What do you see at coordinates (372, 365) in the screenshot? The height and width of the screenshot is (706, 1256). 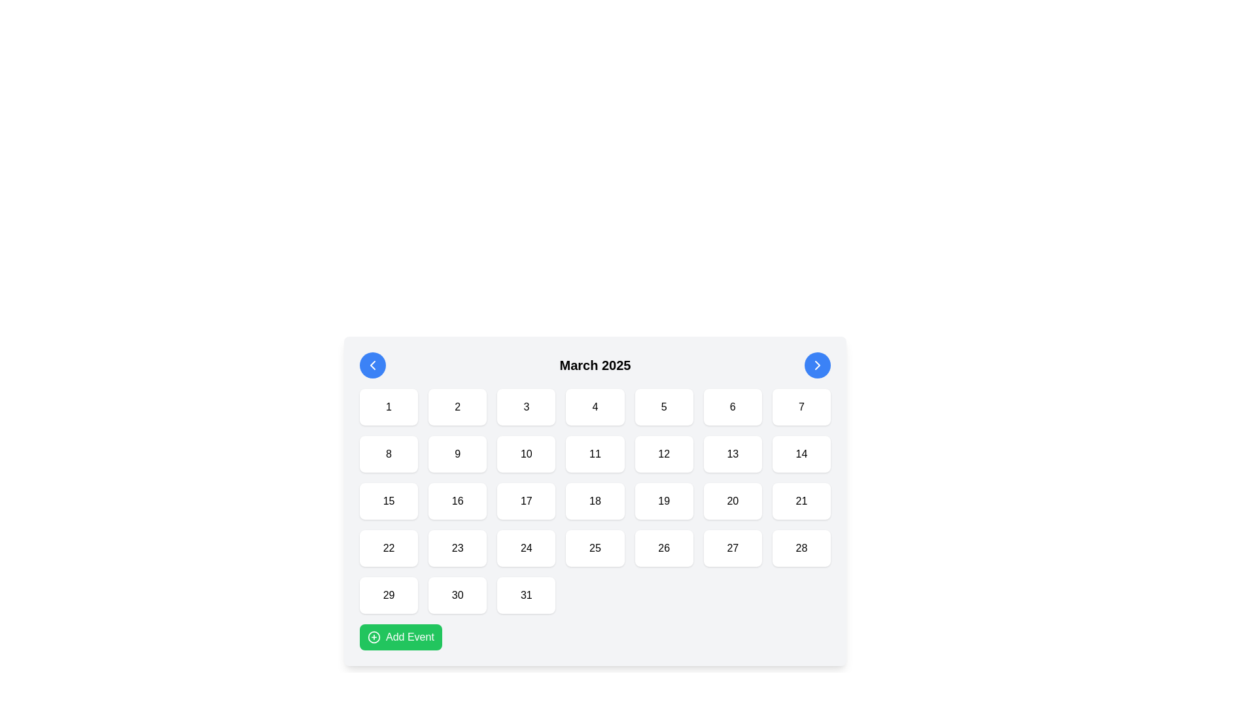 I see `the left chevron navigation button located within a circular button on the left side of the calendar navigation header` at bounding box center [372, 365].